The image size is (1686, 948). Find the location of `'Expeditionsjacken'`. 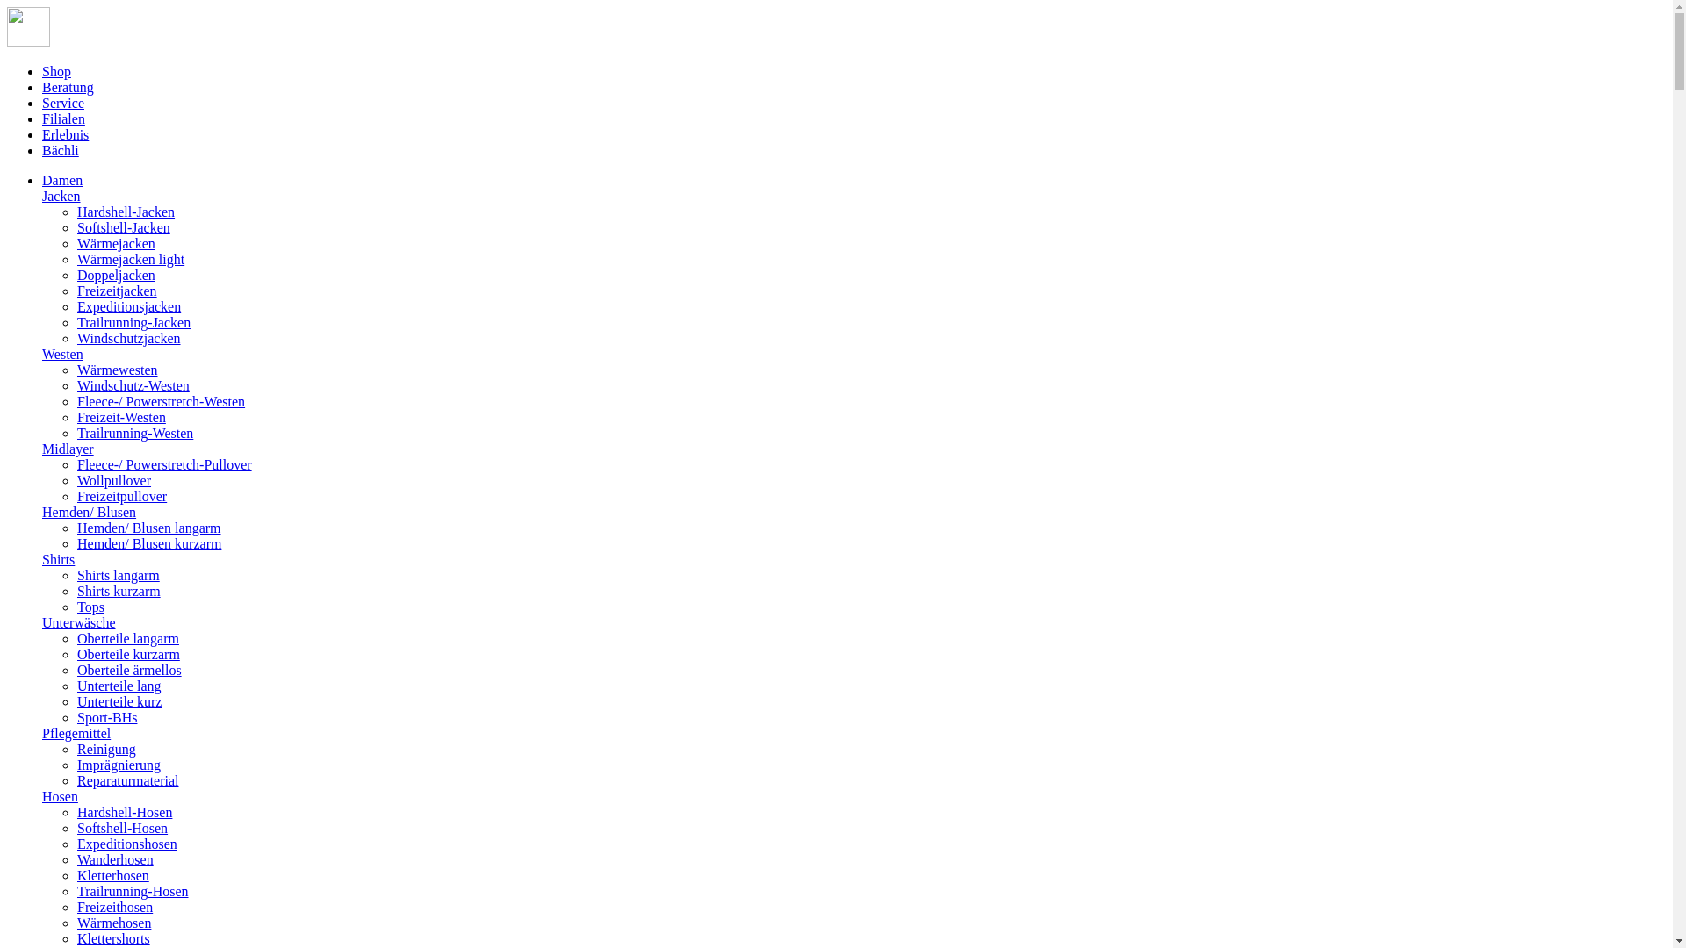

'Expeditionsjacken' is located at coordinates (128, 305).